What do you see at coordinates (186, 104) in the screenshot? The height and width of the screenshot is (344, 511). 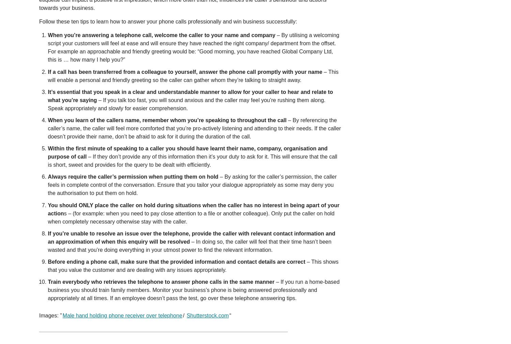 I see `'– If you talk too fast, you will sound anxious and the caller may feel you’re rushing them along. Speak appropriately and slowly for easier comprehension.'` at bounding box center [186, 104].